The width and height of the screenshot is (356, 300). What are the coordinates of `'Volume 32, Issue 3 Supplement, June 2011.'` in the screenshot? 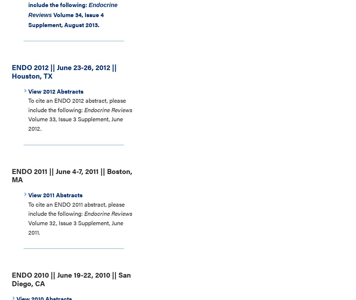 It's located at (75, 227).